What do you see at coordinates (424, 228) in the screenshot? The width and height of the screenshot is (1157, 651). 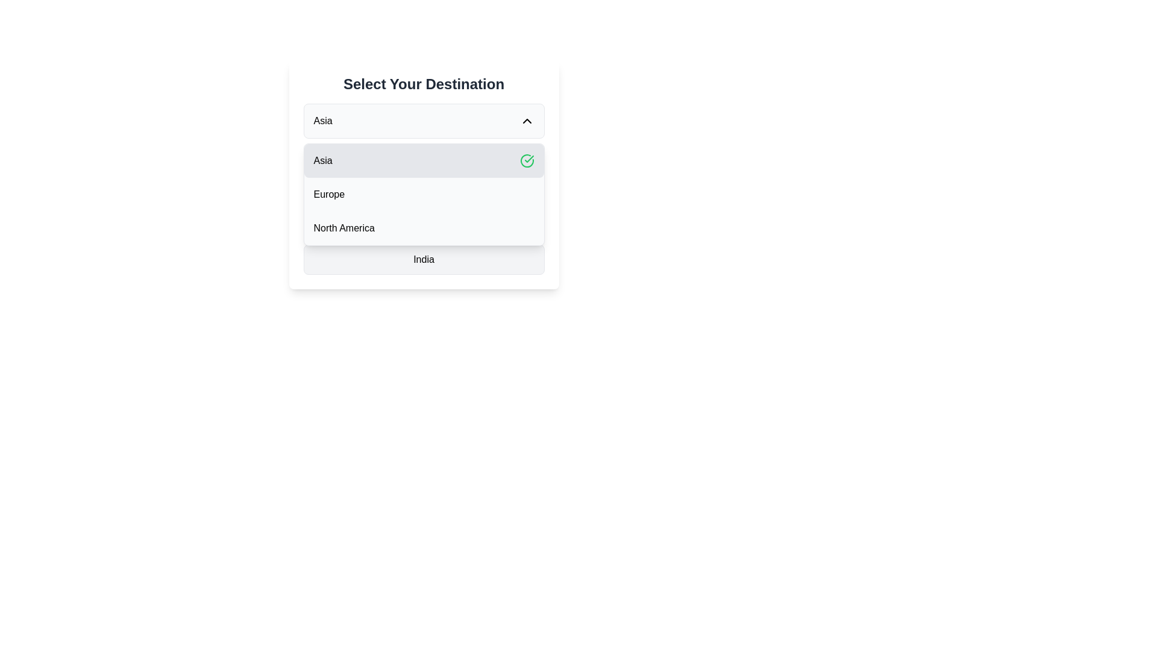 I see `the third visible menu item in the dropdown menu, which represents 'North America'` at bounding box center [424, 228].